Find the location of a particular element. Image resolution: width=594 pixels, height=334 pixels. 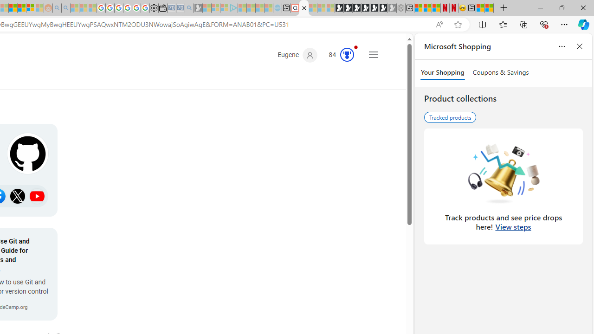

'Class: b_sitlk' is located at coordinates (37, 196).